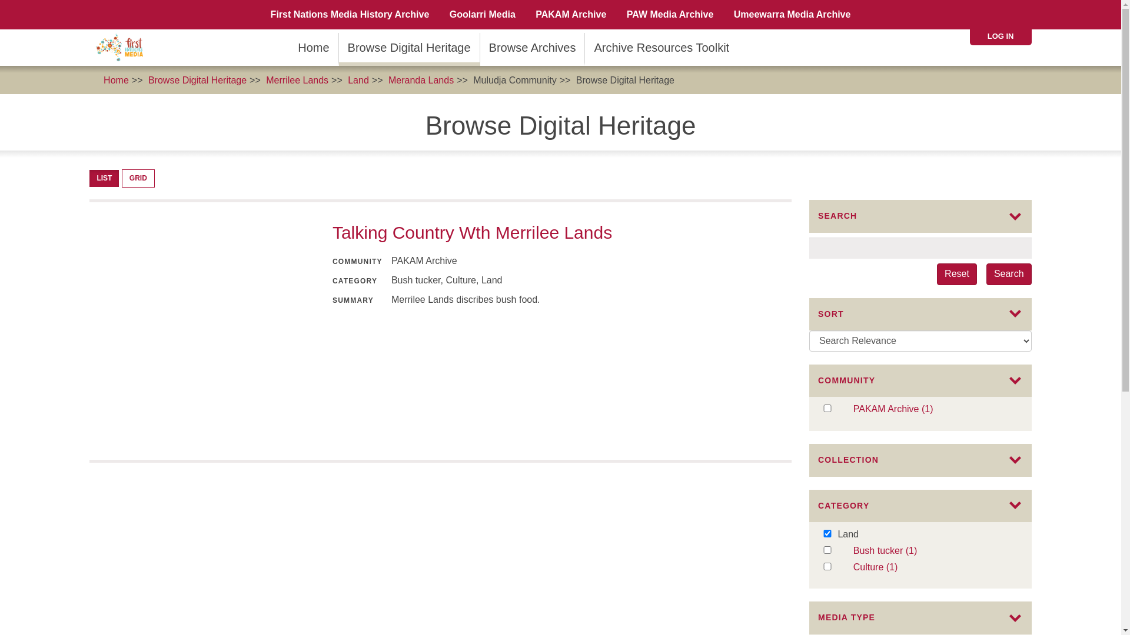 This screenshot has width=1130, height=635. Describe the element at coordinates (350, 14) in the screenshot. I see `'First Nations Media History Archive'` at that location.